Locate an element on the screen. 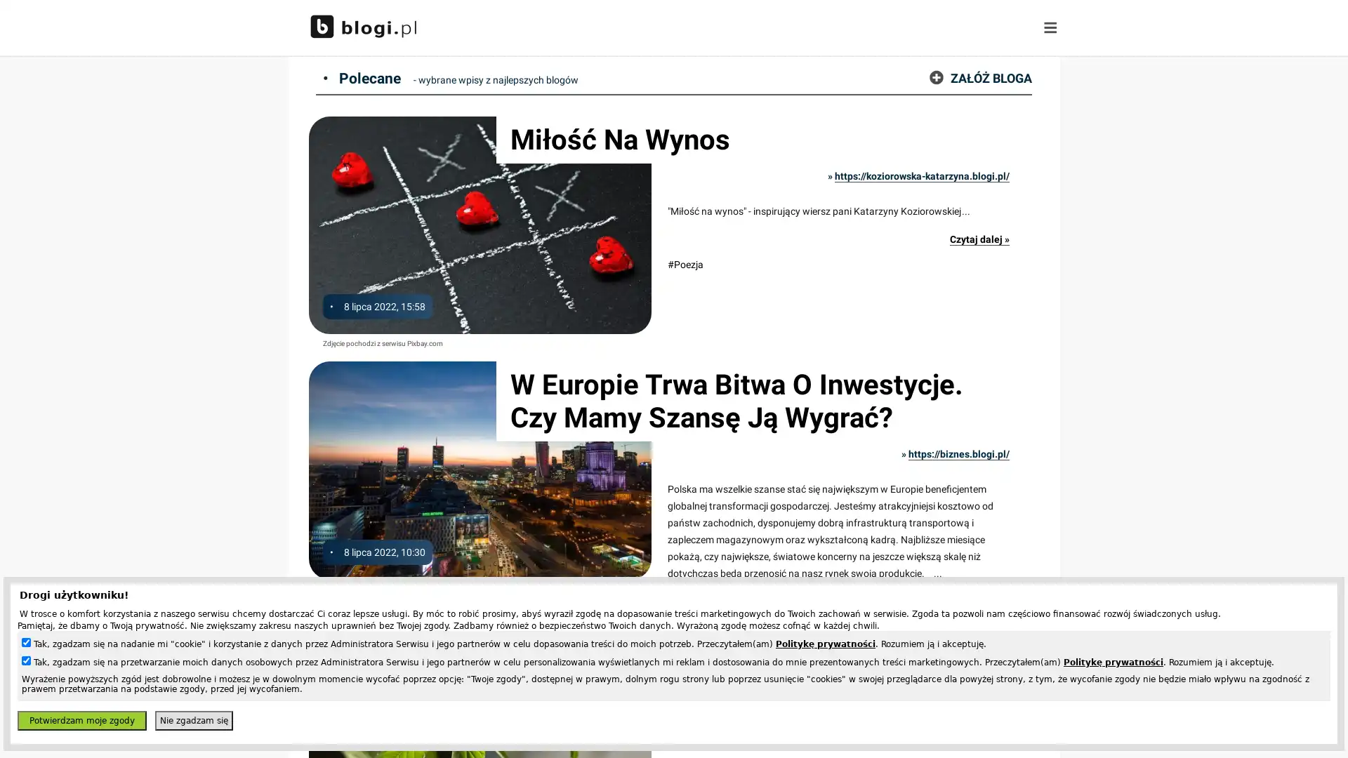  Nie zgadzam sie is located at coordinates (193, 720).